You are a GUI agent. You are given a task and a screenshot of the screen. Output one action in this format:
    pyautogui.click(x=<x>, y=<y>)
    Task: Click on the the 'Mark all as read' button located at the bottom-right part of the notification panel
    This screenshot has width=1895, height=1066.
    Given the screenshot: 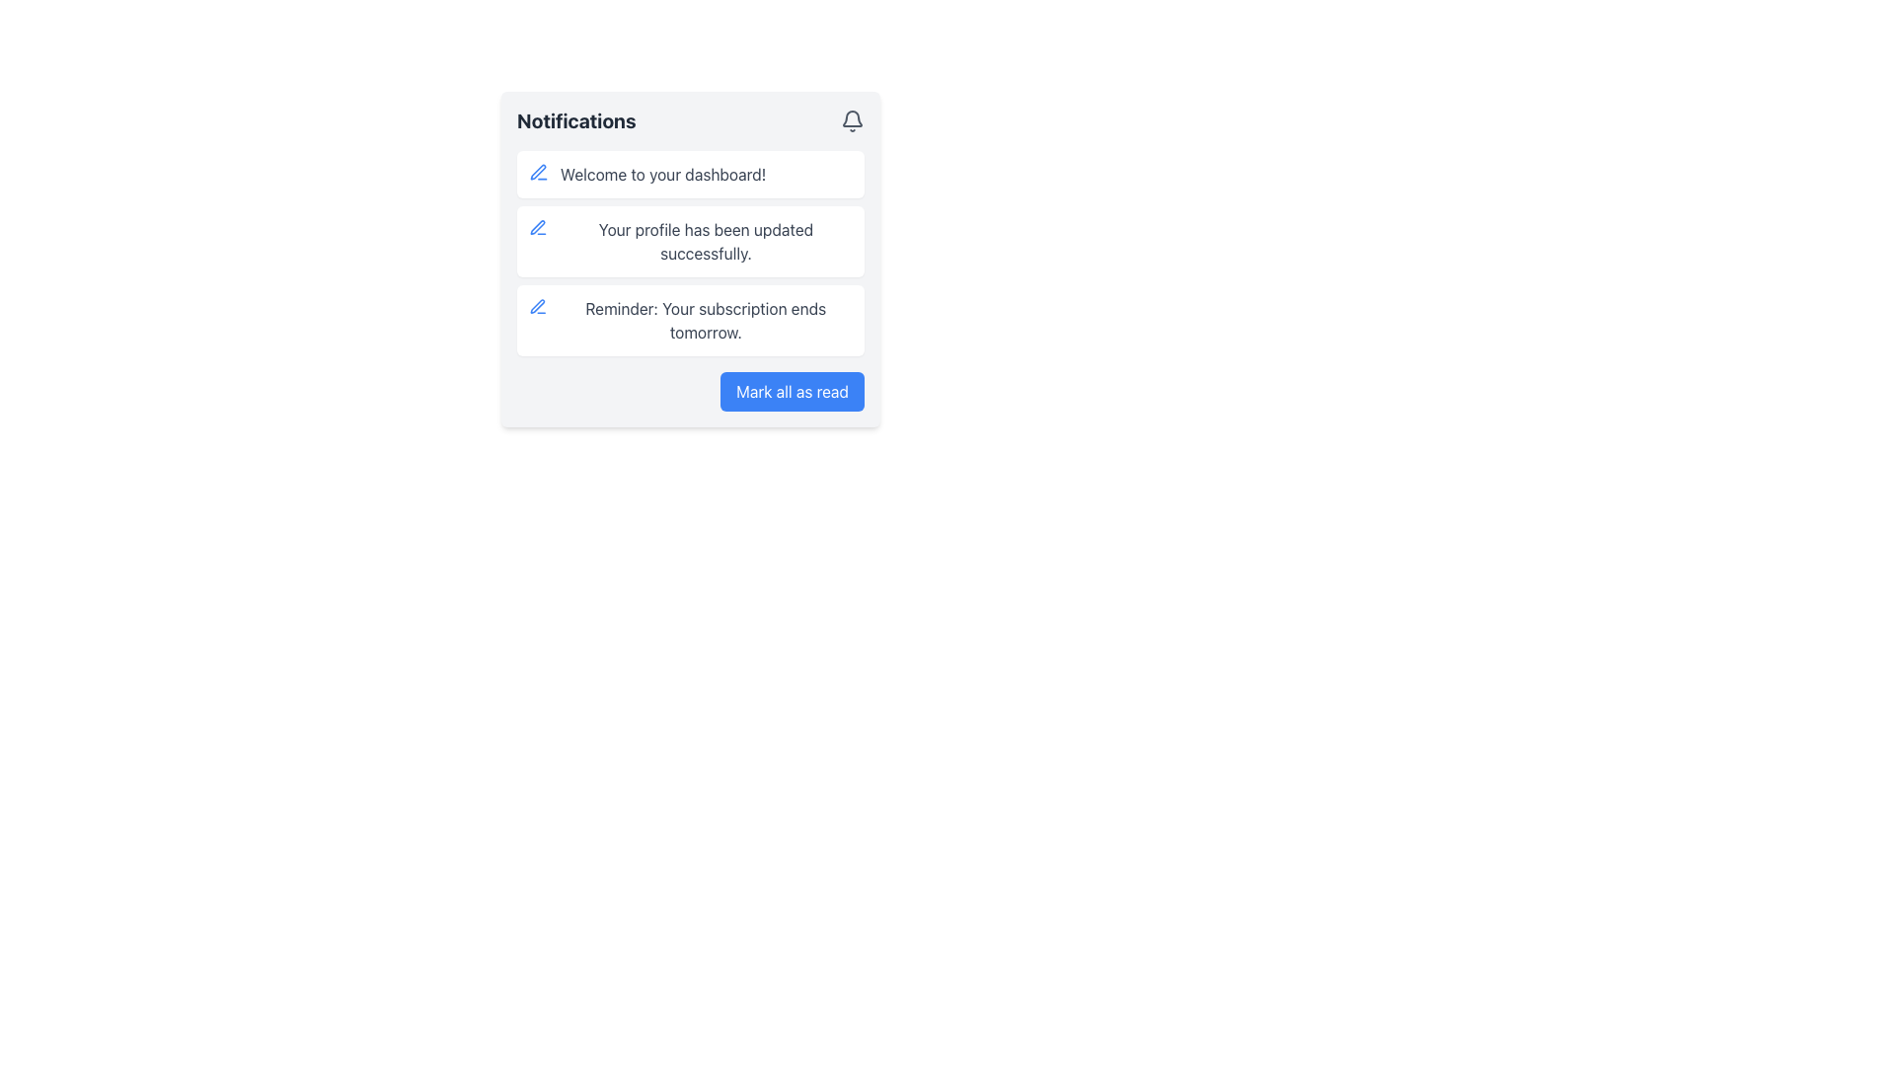 What is the action you would take?
    pyautogui.click(x=793, y=392)
    